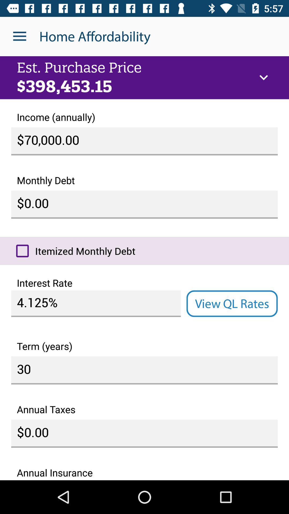 This screenshot has width=289, height=514. Describe the element at coordinates (263, 77) in the screenshot. I see `the expand_more icon` at that location.